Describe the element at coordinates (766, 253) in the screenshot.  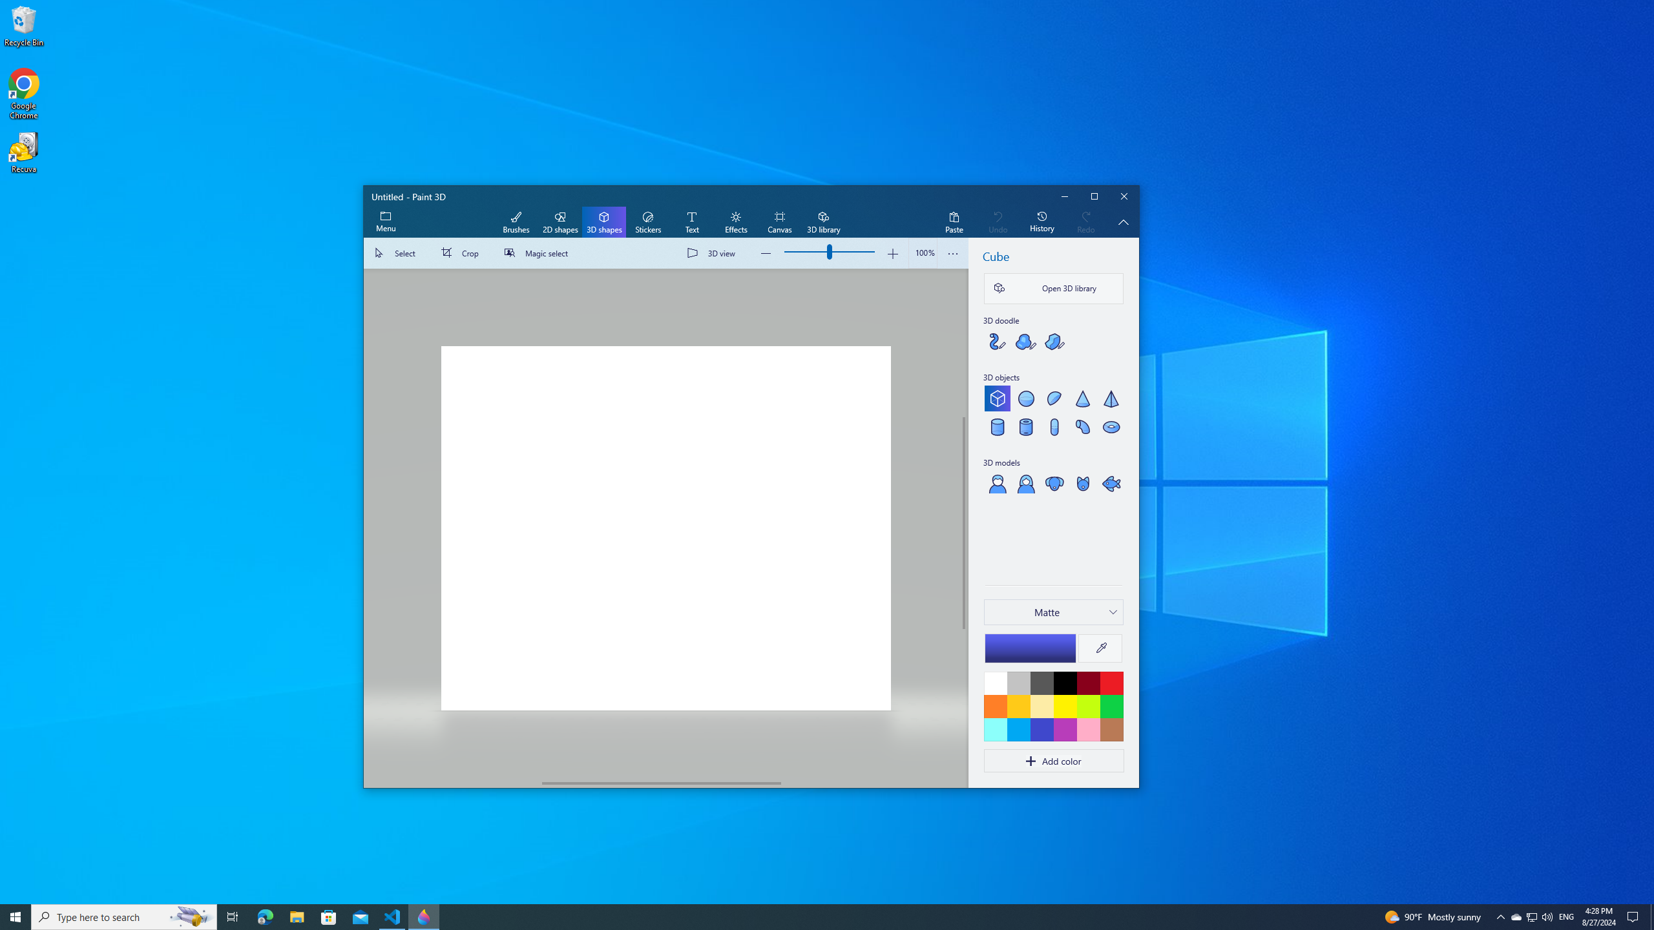
I see `'Zoom out'` at that location.